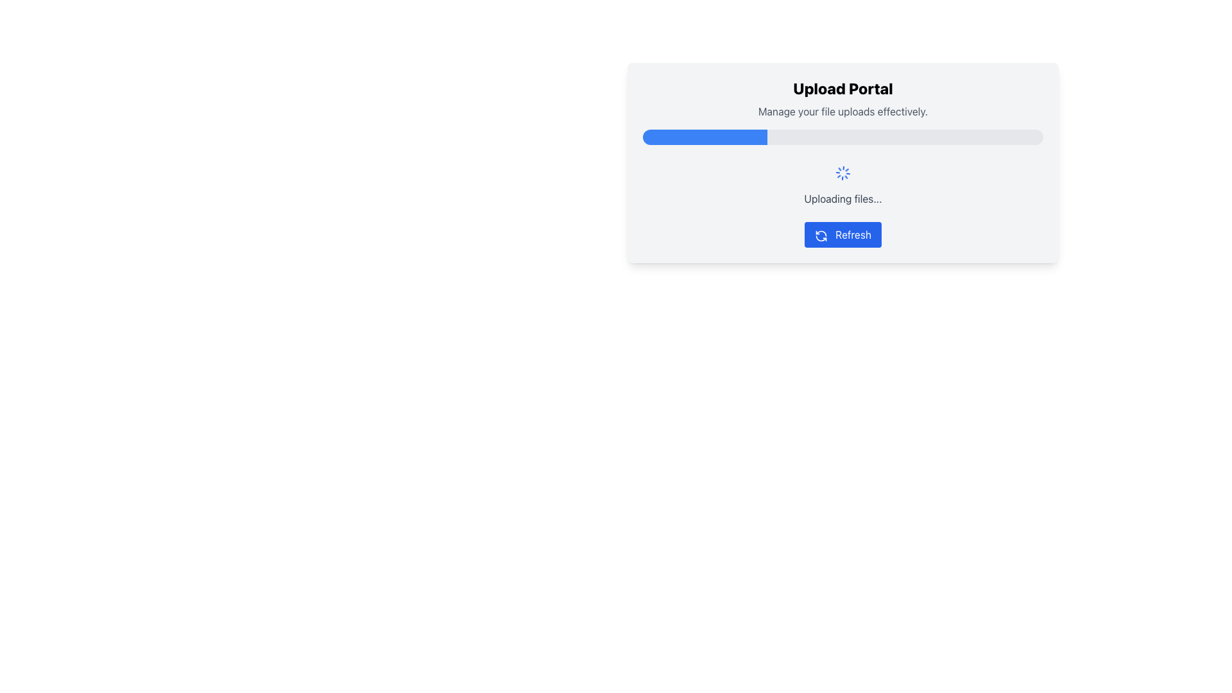 The height and width of the screenshot is (693, 1232). What do you see at coordinates (843, 110) in the screenshot?
I see `the static text element reading 'Manage your file uploads effectively.' which is located beneath the bold heading 'Upload Portal.'` at bounding box center [843, 110].